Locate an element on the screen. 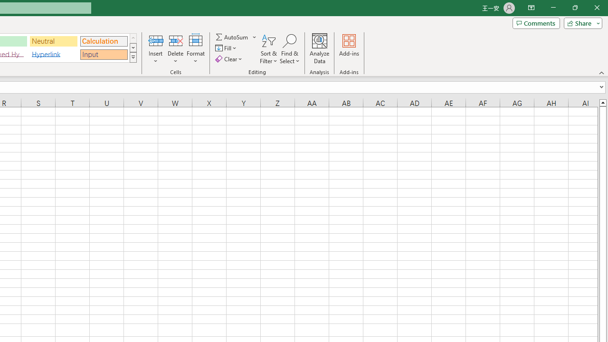 The height and width of the screenshot is (342, 608). 'Sort & Filter' is located at coordinates (268, 49).